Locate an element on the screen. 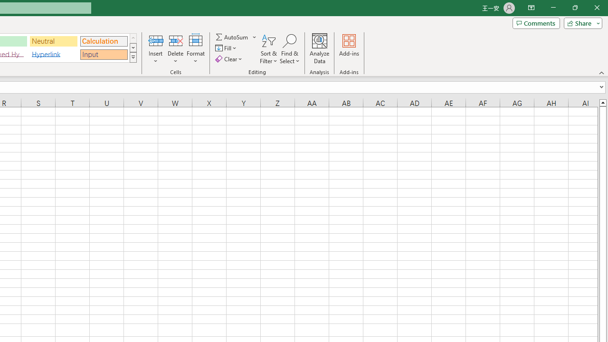 The height and width of the screenshot is (342, 608). 'Sort & Filter' is located at coordinates (268, 49).